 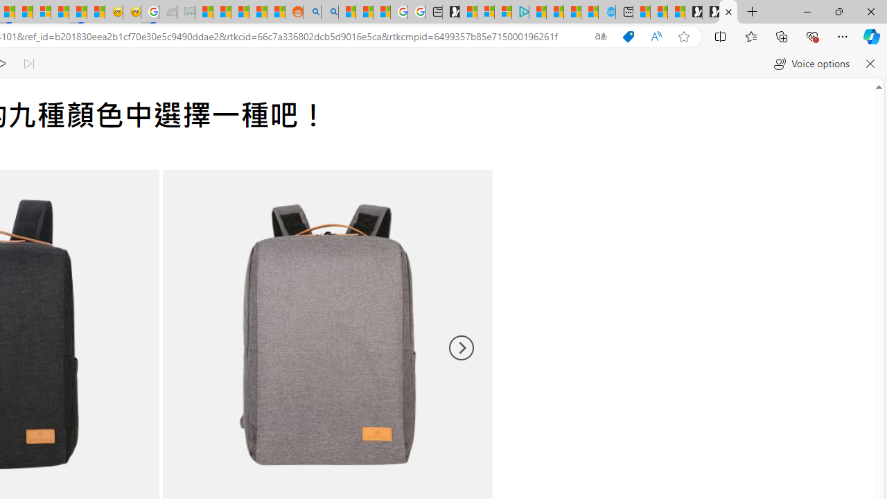 What do you see at coordinates (842, 35) in the screenshot?
I see `'Settings and more (Alt+F)'` at bounding box center [842, 35].